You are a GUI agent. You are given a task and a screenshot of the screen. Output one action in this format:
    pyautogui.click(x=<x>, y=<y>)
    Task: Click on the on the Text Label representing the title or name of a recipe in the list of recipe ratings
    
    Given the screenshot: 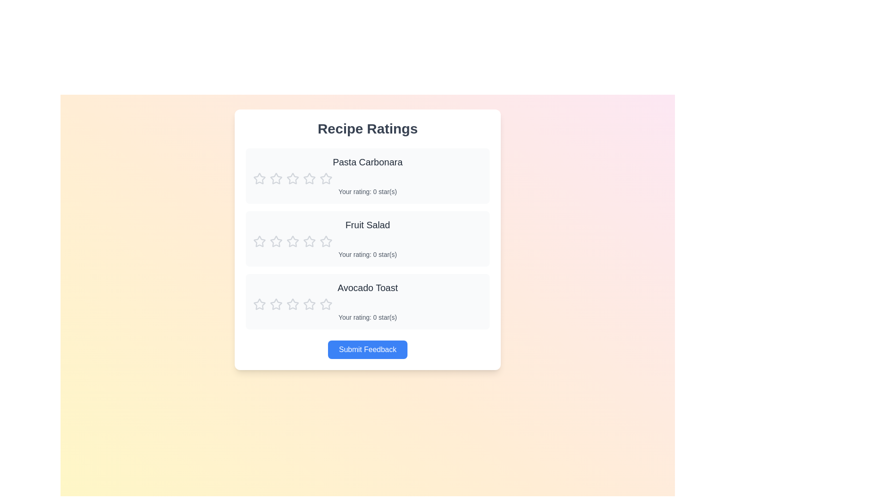 What is the action you would take?
    pyautogui.click(x=367, y=287)
    